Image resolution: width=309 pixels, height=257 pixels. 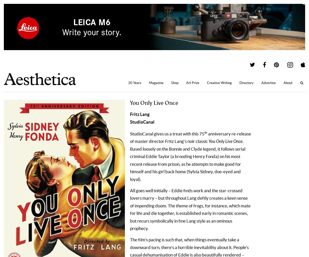 What do you see at coordinates (142, 122) in the screenshot?
I see `'StudioCanal'` at bounding box center [142, 122].